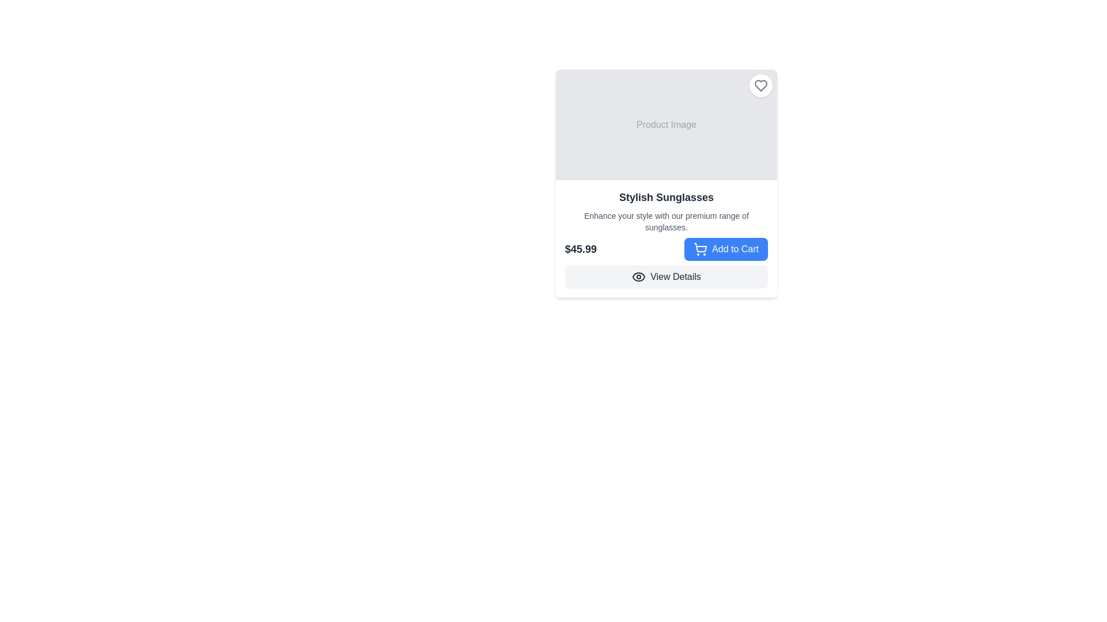 The width and height of the screenshot is (1107, 622). I want to click on the heart-shaped icon located at the top-right corner of the Stylish Sunglasses product card, so click(761, 85).